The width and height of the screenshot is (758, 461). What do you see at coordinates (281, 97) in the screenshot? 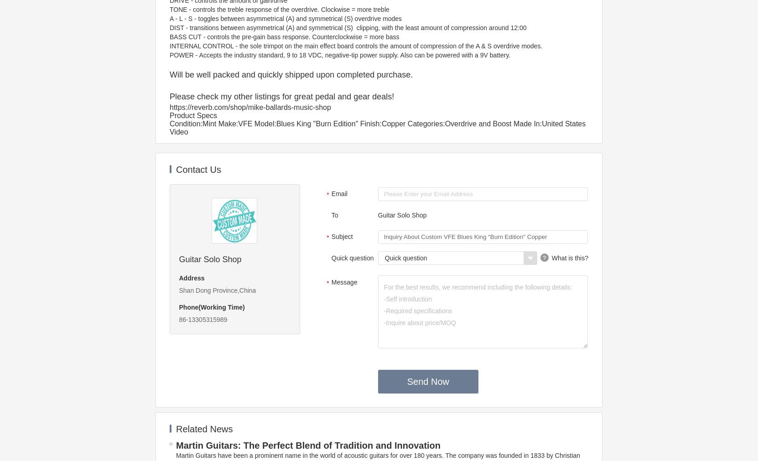
I see `'Please check my other listings for great pedal and gear deals!'` at bounding box center [281, 97].